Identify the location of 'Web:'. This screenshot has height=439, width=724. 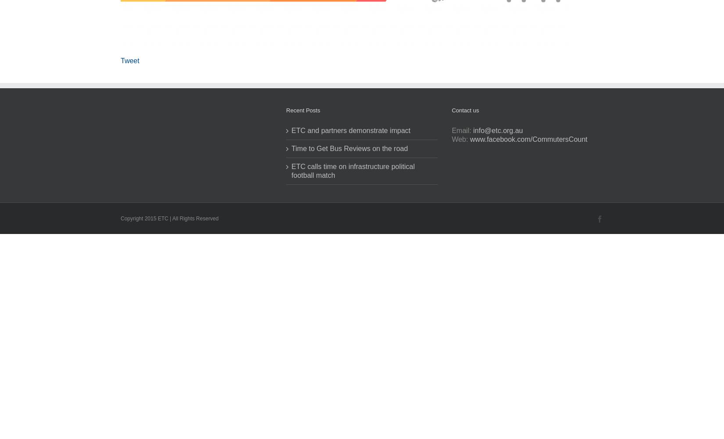
(461, 139).